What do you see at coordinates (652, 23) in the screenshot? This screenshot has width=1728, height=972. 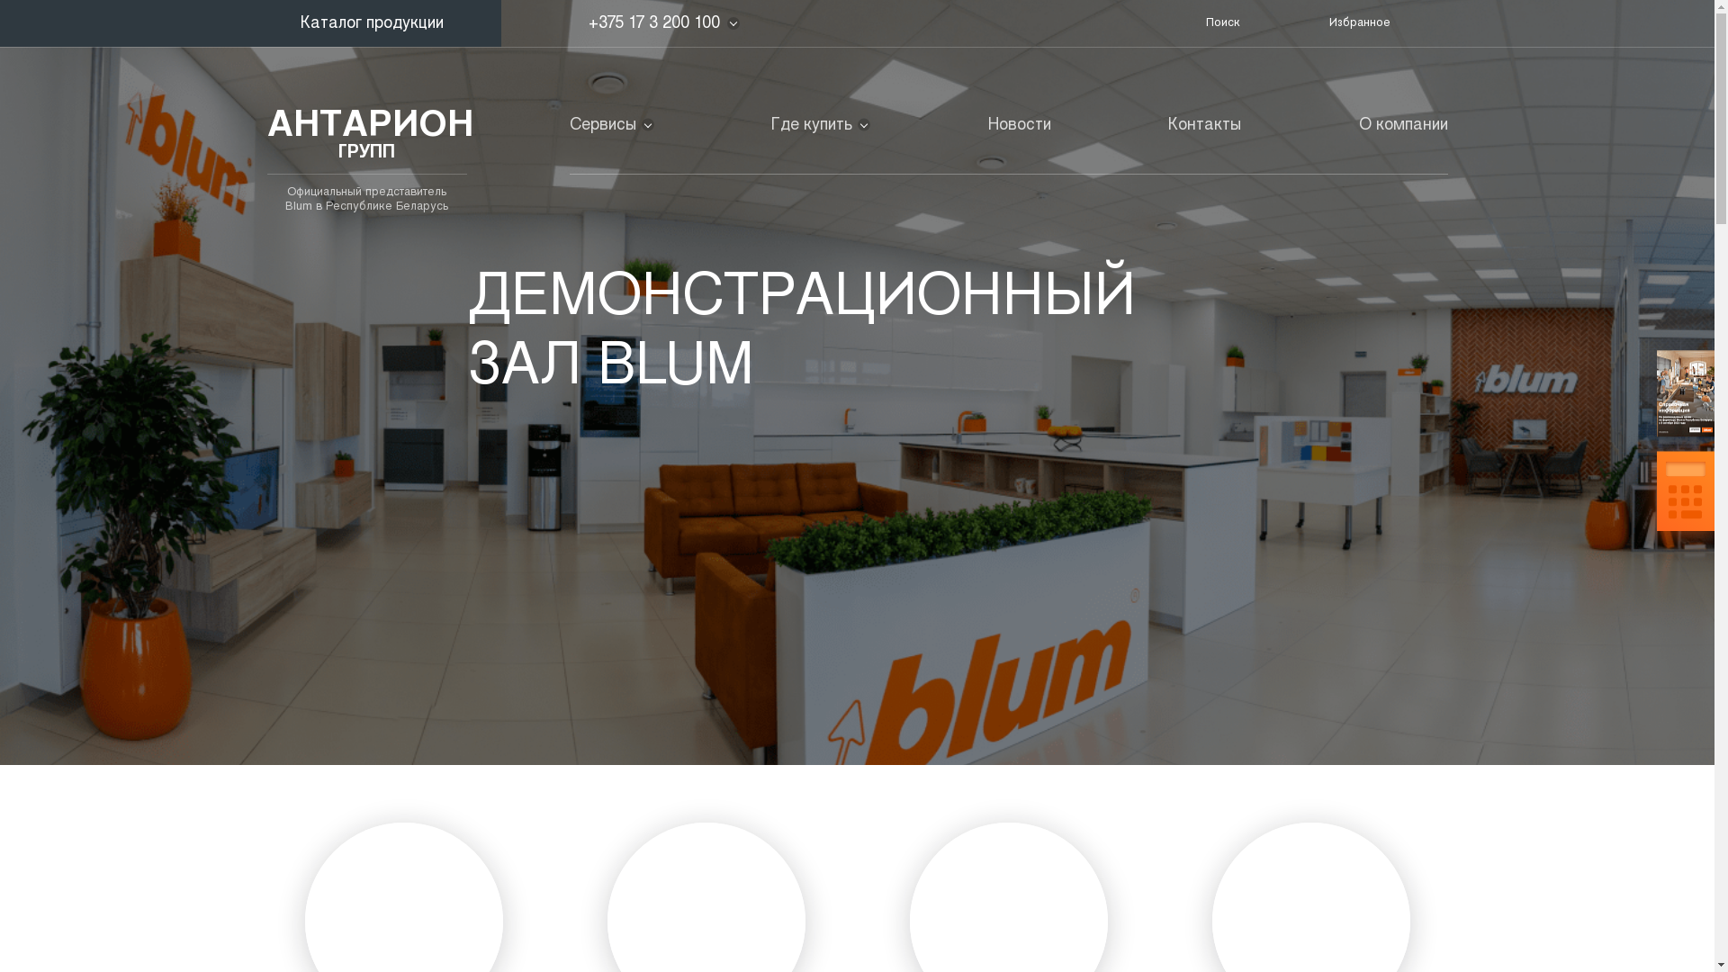 I see `'+375 17 3 200 100'` at bounding box center [652, 23].